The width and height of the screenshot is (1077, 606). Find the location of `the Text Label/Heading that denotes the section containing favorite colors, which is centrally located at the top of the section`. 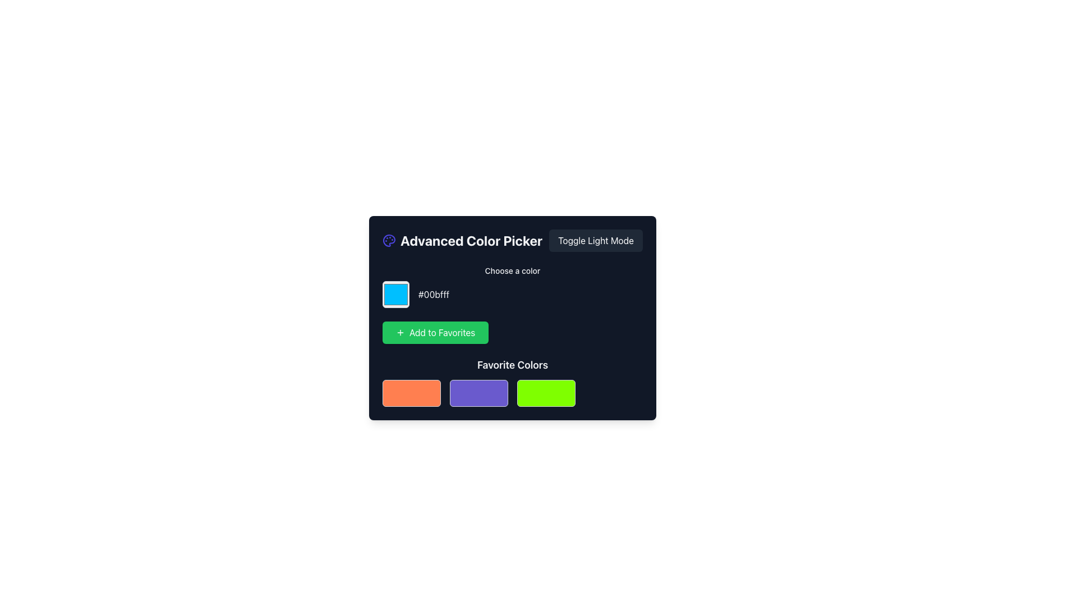

the Text Label/Heading that denotes the section containing favorite colors, which is centrally located at the top of the section is located at coordinates (512, 365).